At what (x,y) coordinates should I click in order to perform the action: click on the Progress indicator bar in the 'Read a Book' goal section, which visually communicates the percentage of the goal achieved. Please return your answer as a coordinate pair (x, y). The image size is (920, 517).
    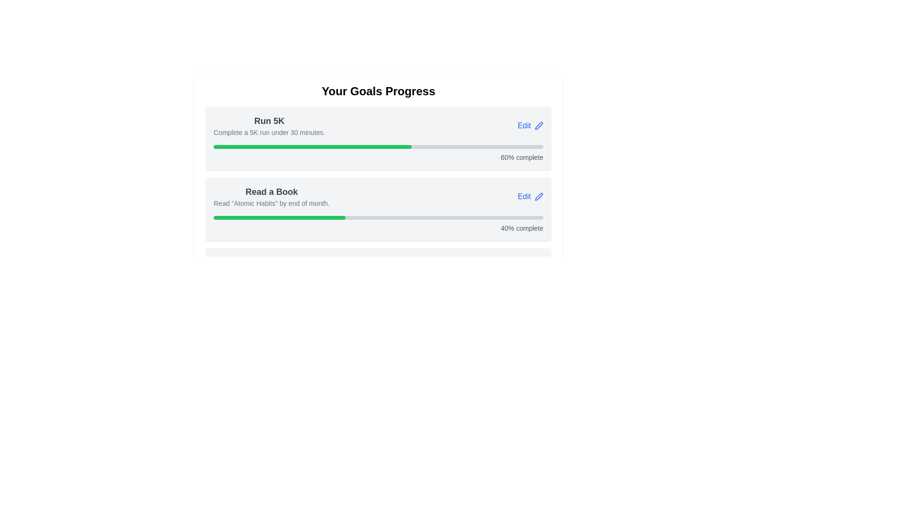
    Looking at the image, I should click on (312, 147).